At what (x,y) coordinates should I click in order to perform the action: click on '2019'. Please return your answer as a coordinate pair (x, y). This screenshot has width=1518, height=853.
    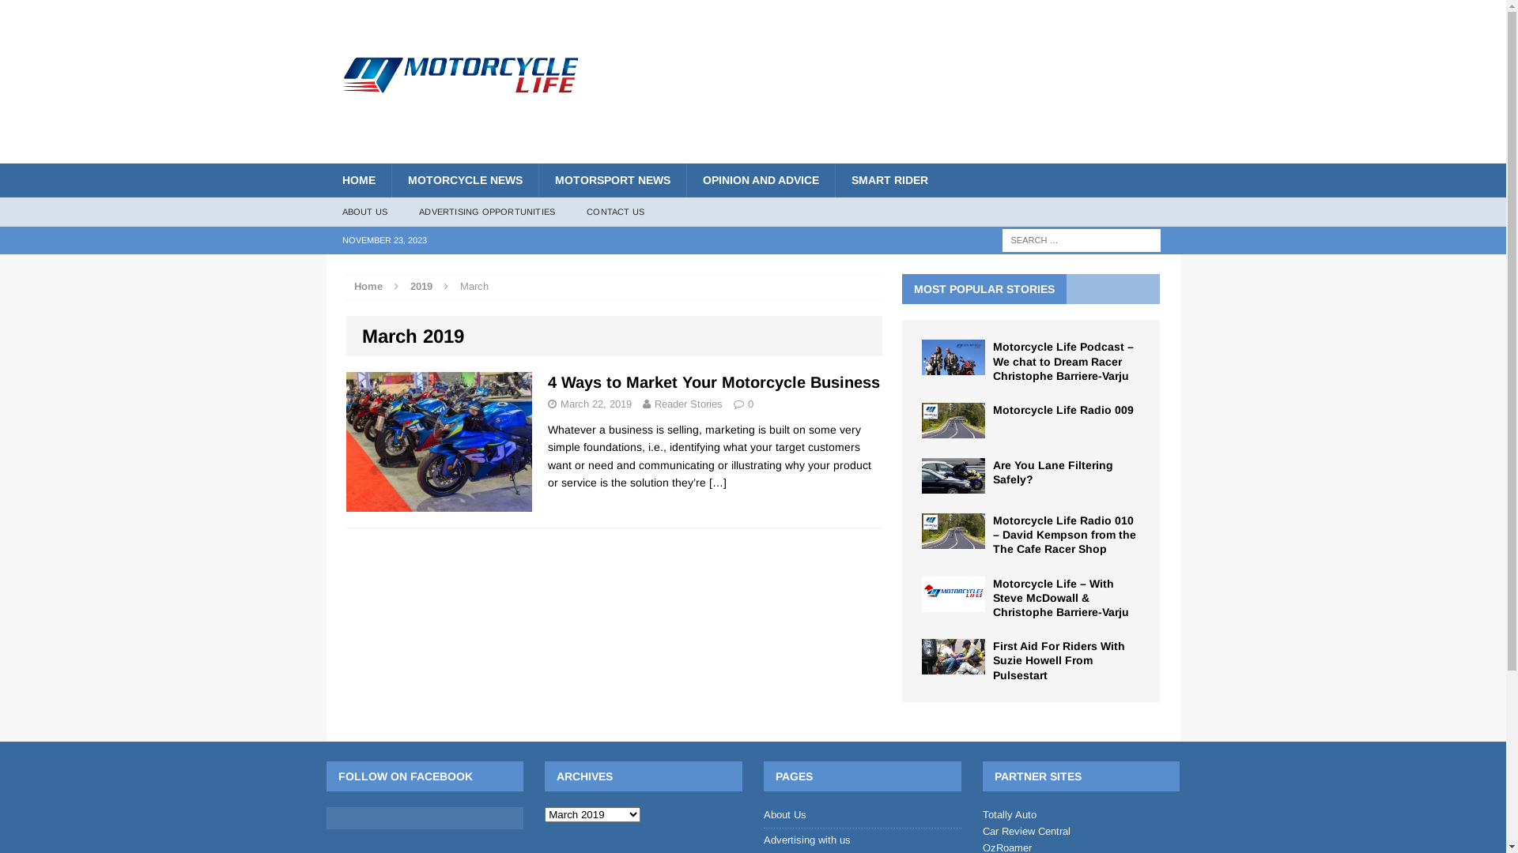
    Looking at the image, I should click on (421, 286).